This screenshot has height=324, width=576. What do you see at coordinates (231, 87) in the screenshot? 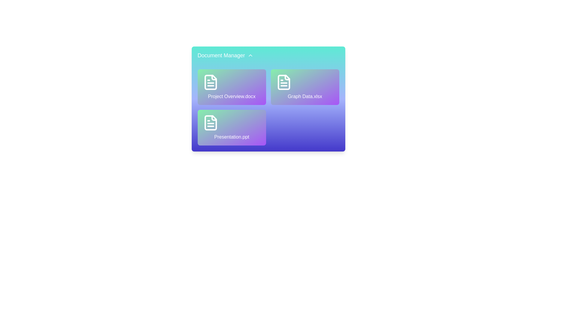
I see `the file named Project Overview.docx` at bounding box center [231, 87].